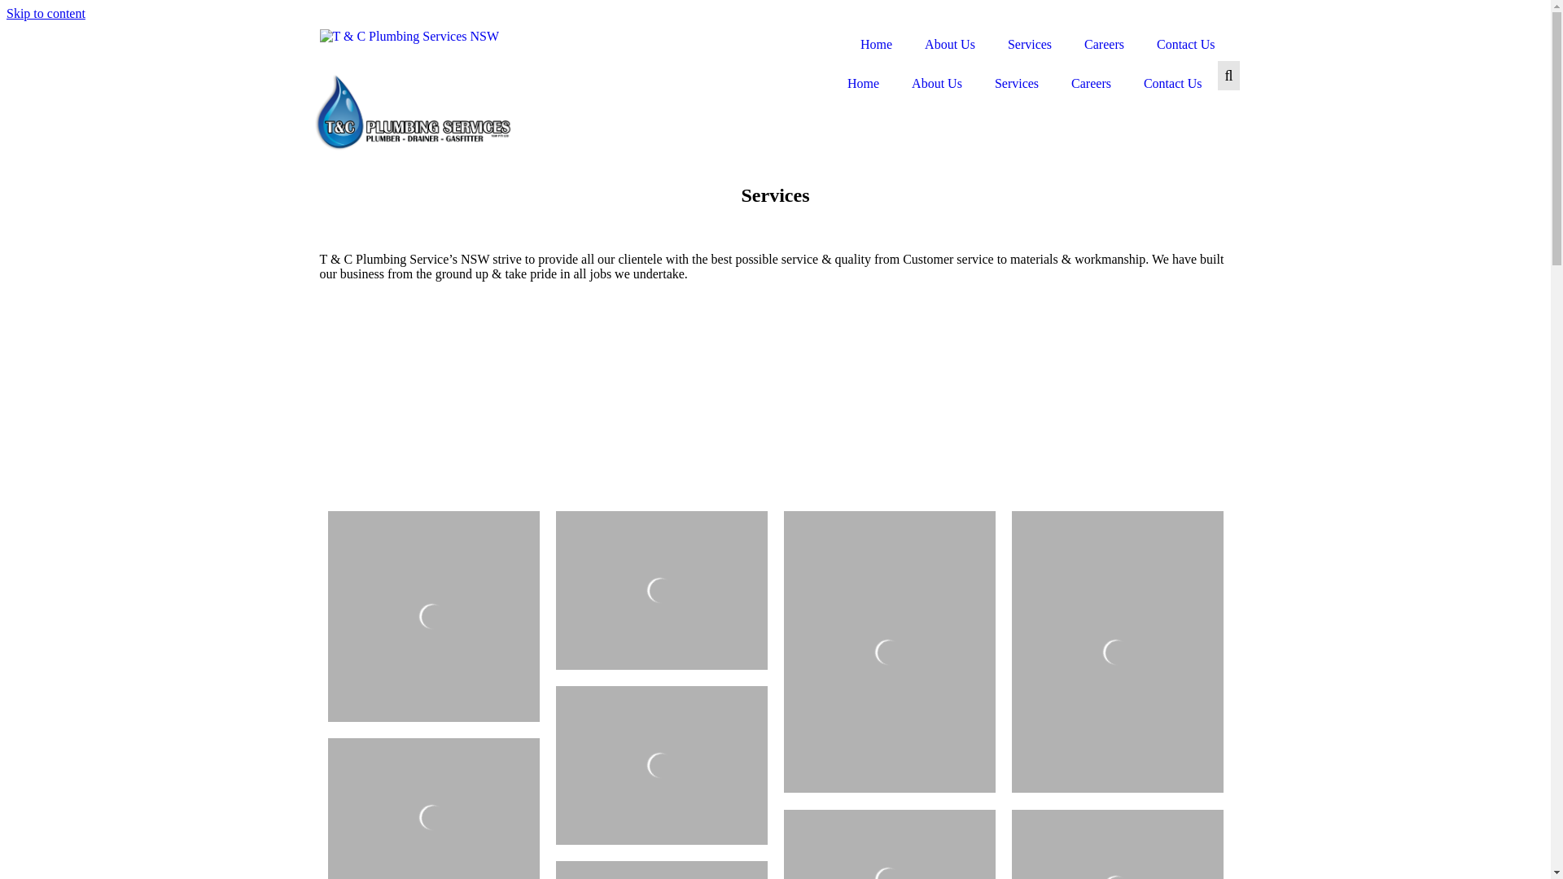 This screenshot has height=879, width=1563. What do you see at coordinates (1127, 84) in the screenshot?
I see `'Contact Us'` at bounding box center [1127, 84].